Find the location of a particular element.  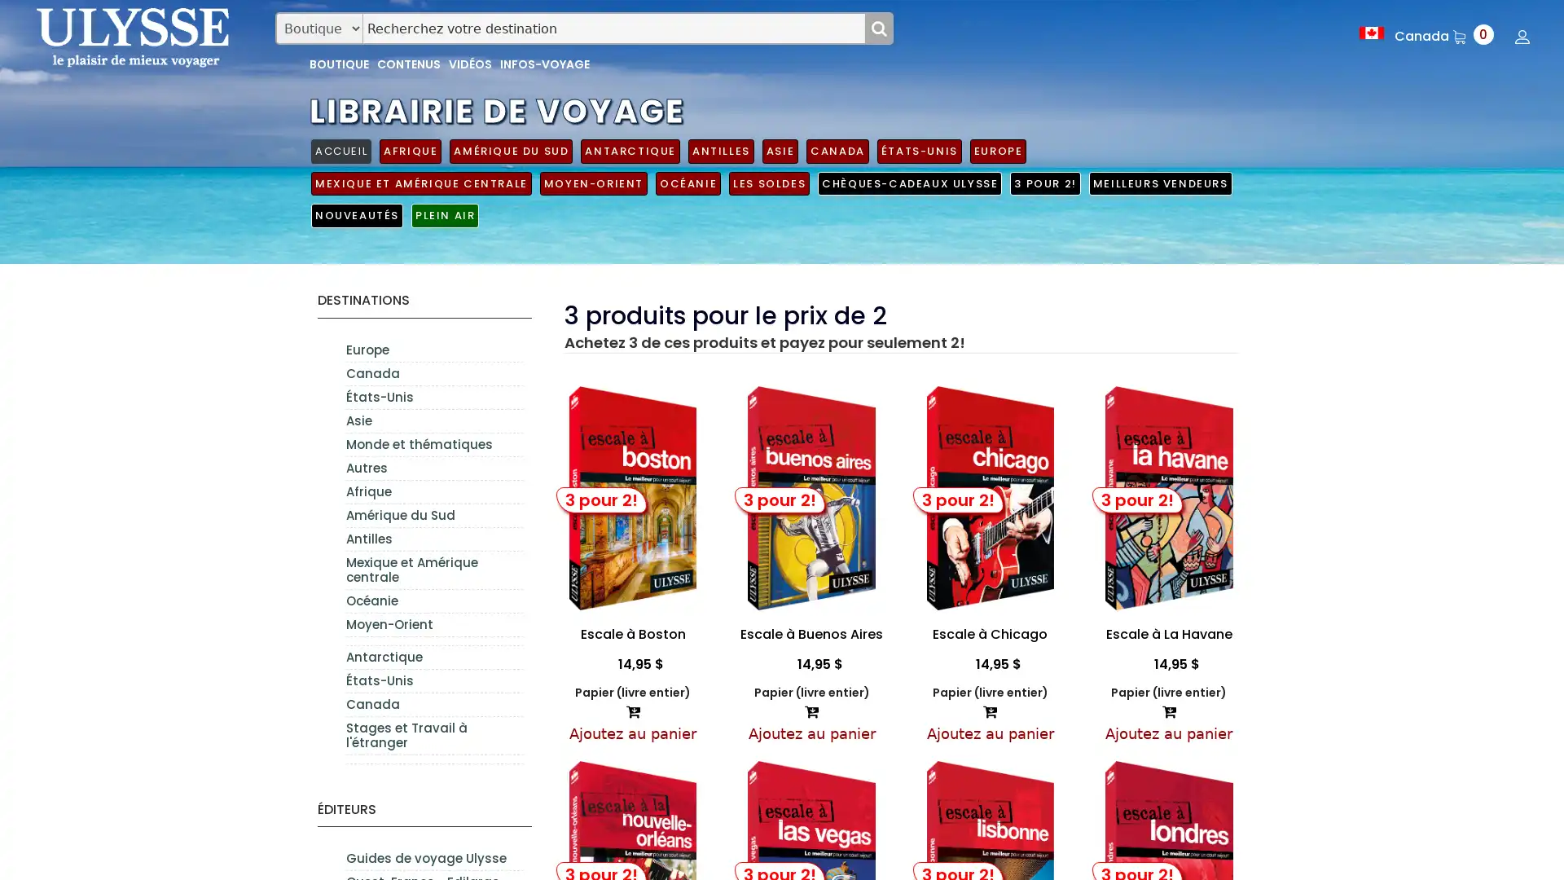

ANTARCTIQUE is located at coordinates (629, 151).